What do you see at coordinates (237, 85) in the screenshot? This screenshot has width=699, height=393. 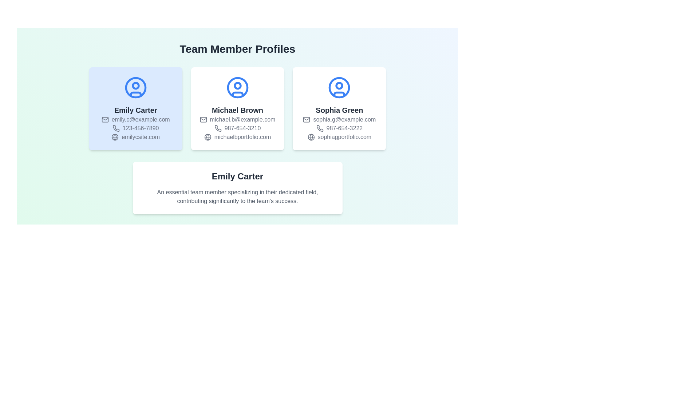 I see `graphic component (circle) of the profile icon located at the top-center of the card labeled 'Michael Brown' for development purposes` at bounding box center [237, 85].